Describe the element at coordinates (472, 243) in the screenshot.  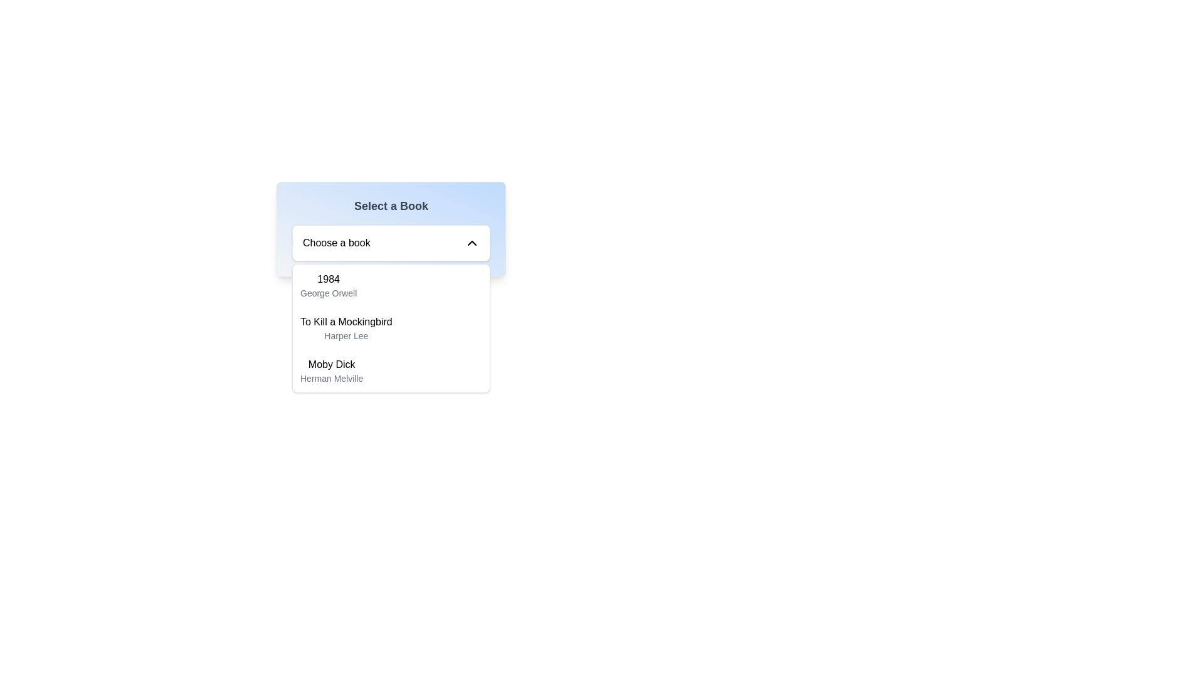
I see `the upward action icon located to the right of the 'Choose a book' dropdown menu` at that location.